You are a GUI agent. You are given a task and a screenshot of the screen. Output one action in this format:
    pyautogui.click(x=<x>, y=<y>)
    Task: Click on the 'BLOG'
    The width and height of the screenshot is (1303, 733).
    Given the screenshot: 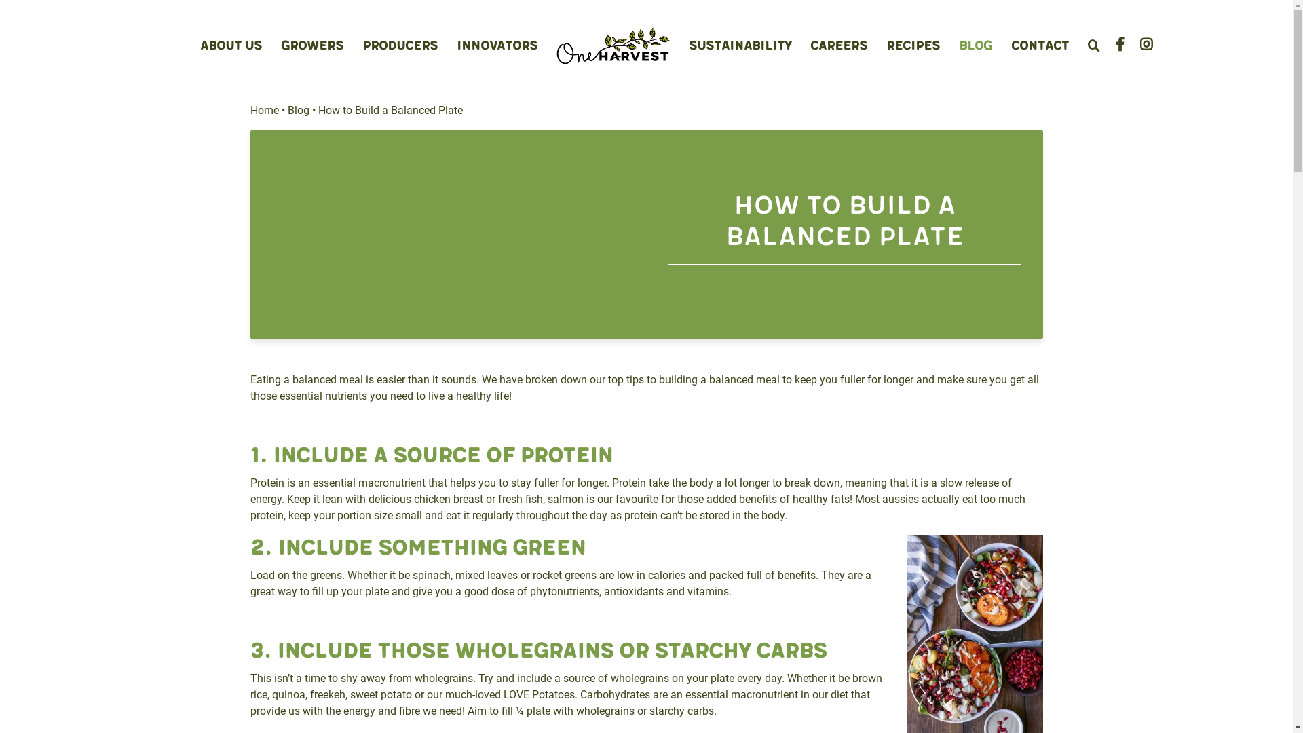 What is the action you would take?
    pyautogui.click(x=958, y=45)
    